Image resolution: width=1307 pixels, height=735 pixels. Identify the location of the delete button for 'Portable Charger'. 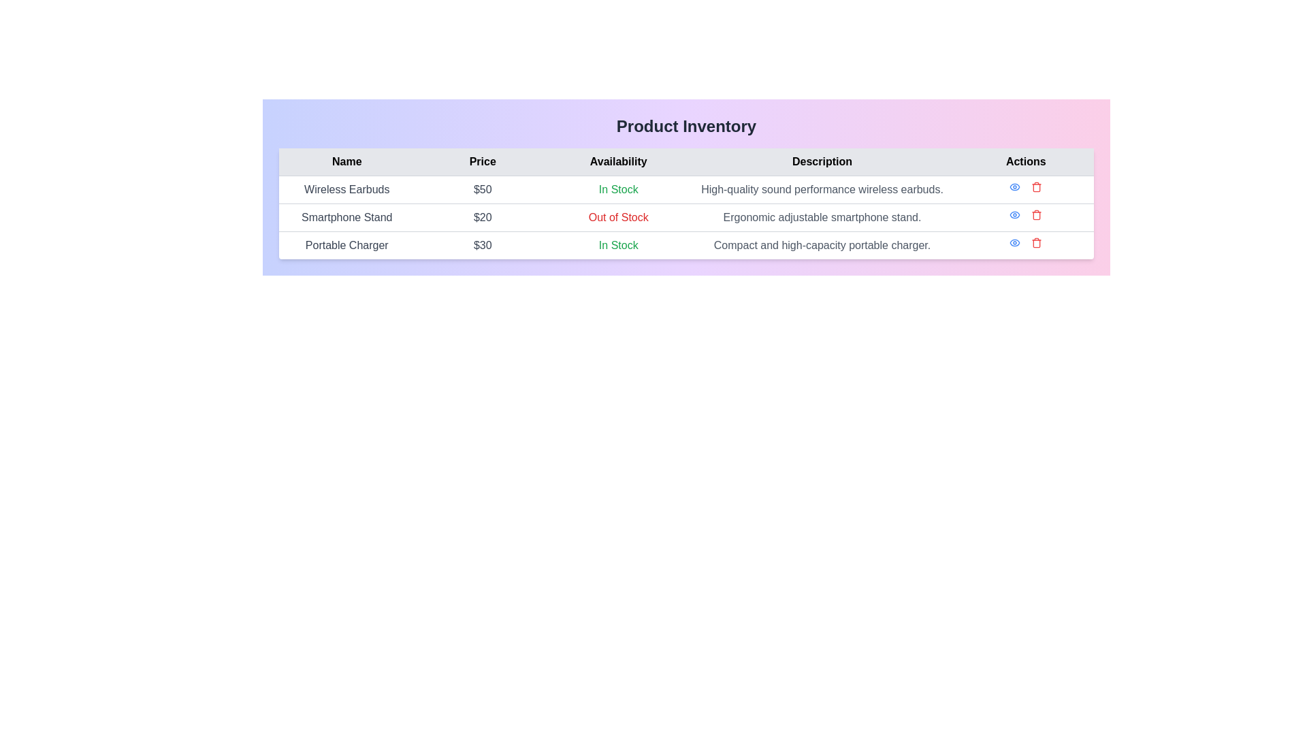
(1036, 242).